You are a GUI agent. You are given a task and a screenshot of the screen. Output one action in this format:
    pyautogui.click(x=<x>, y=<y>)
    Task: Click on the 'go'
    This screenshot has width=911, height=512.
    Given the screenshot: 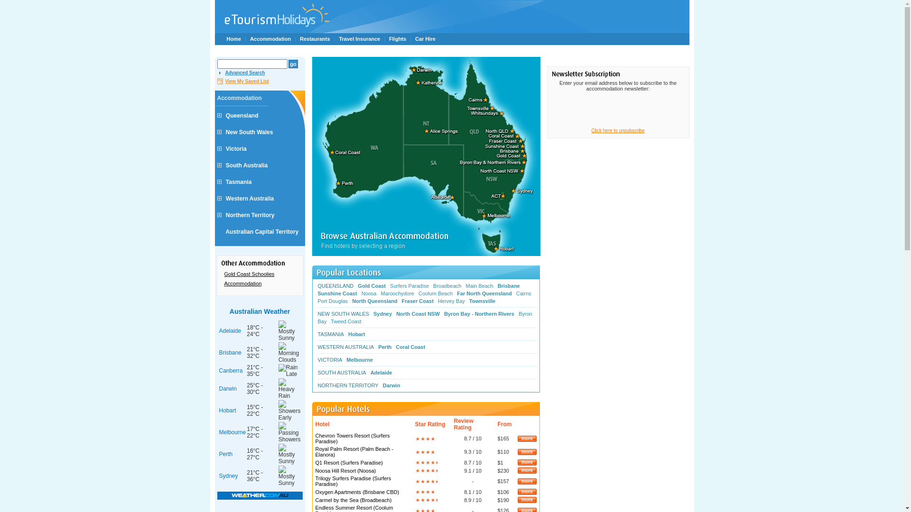 What is the action you would take?
    pyautogui.click(x=288, y=64)
    